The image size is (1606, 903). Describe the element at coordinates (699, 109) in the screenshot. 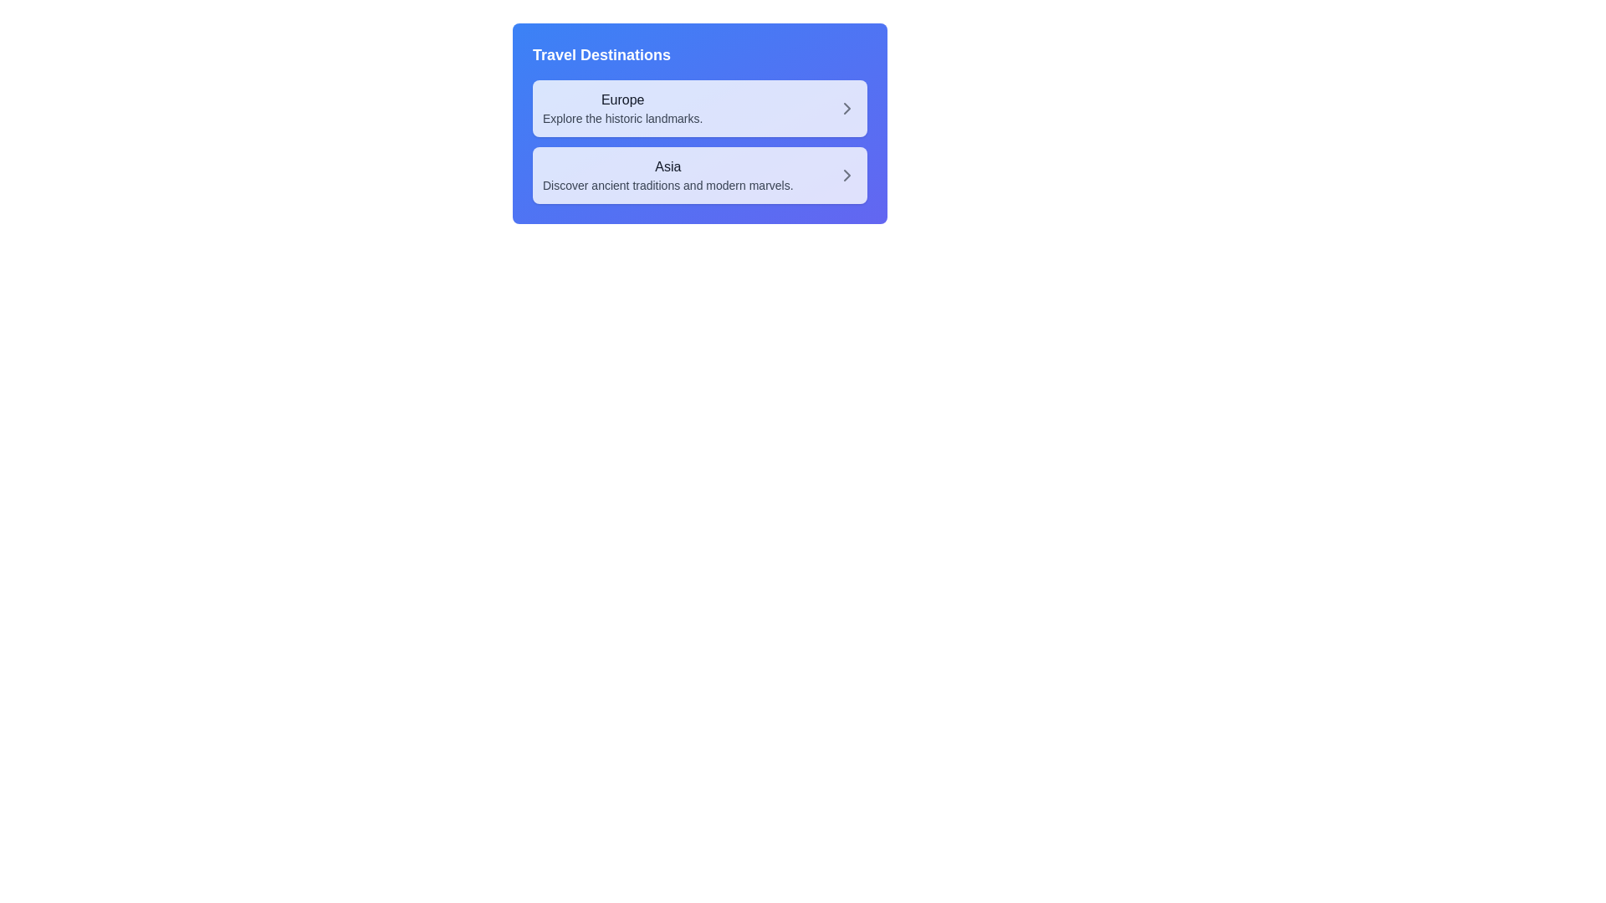

I see `the button representing the geographic region of Europe in the 'Travel Destinations' interface` at that location.